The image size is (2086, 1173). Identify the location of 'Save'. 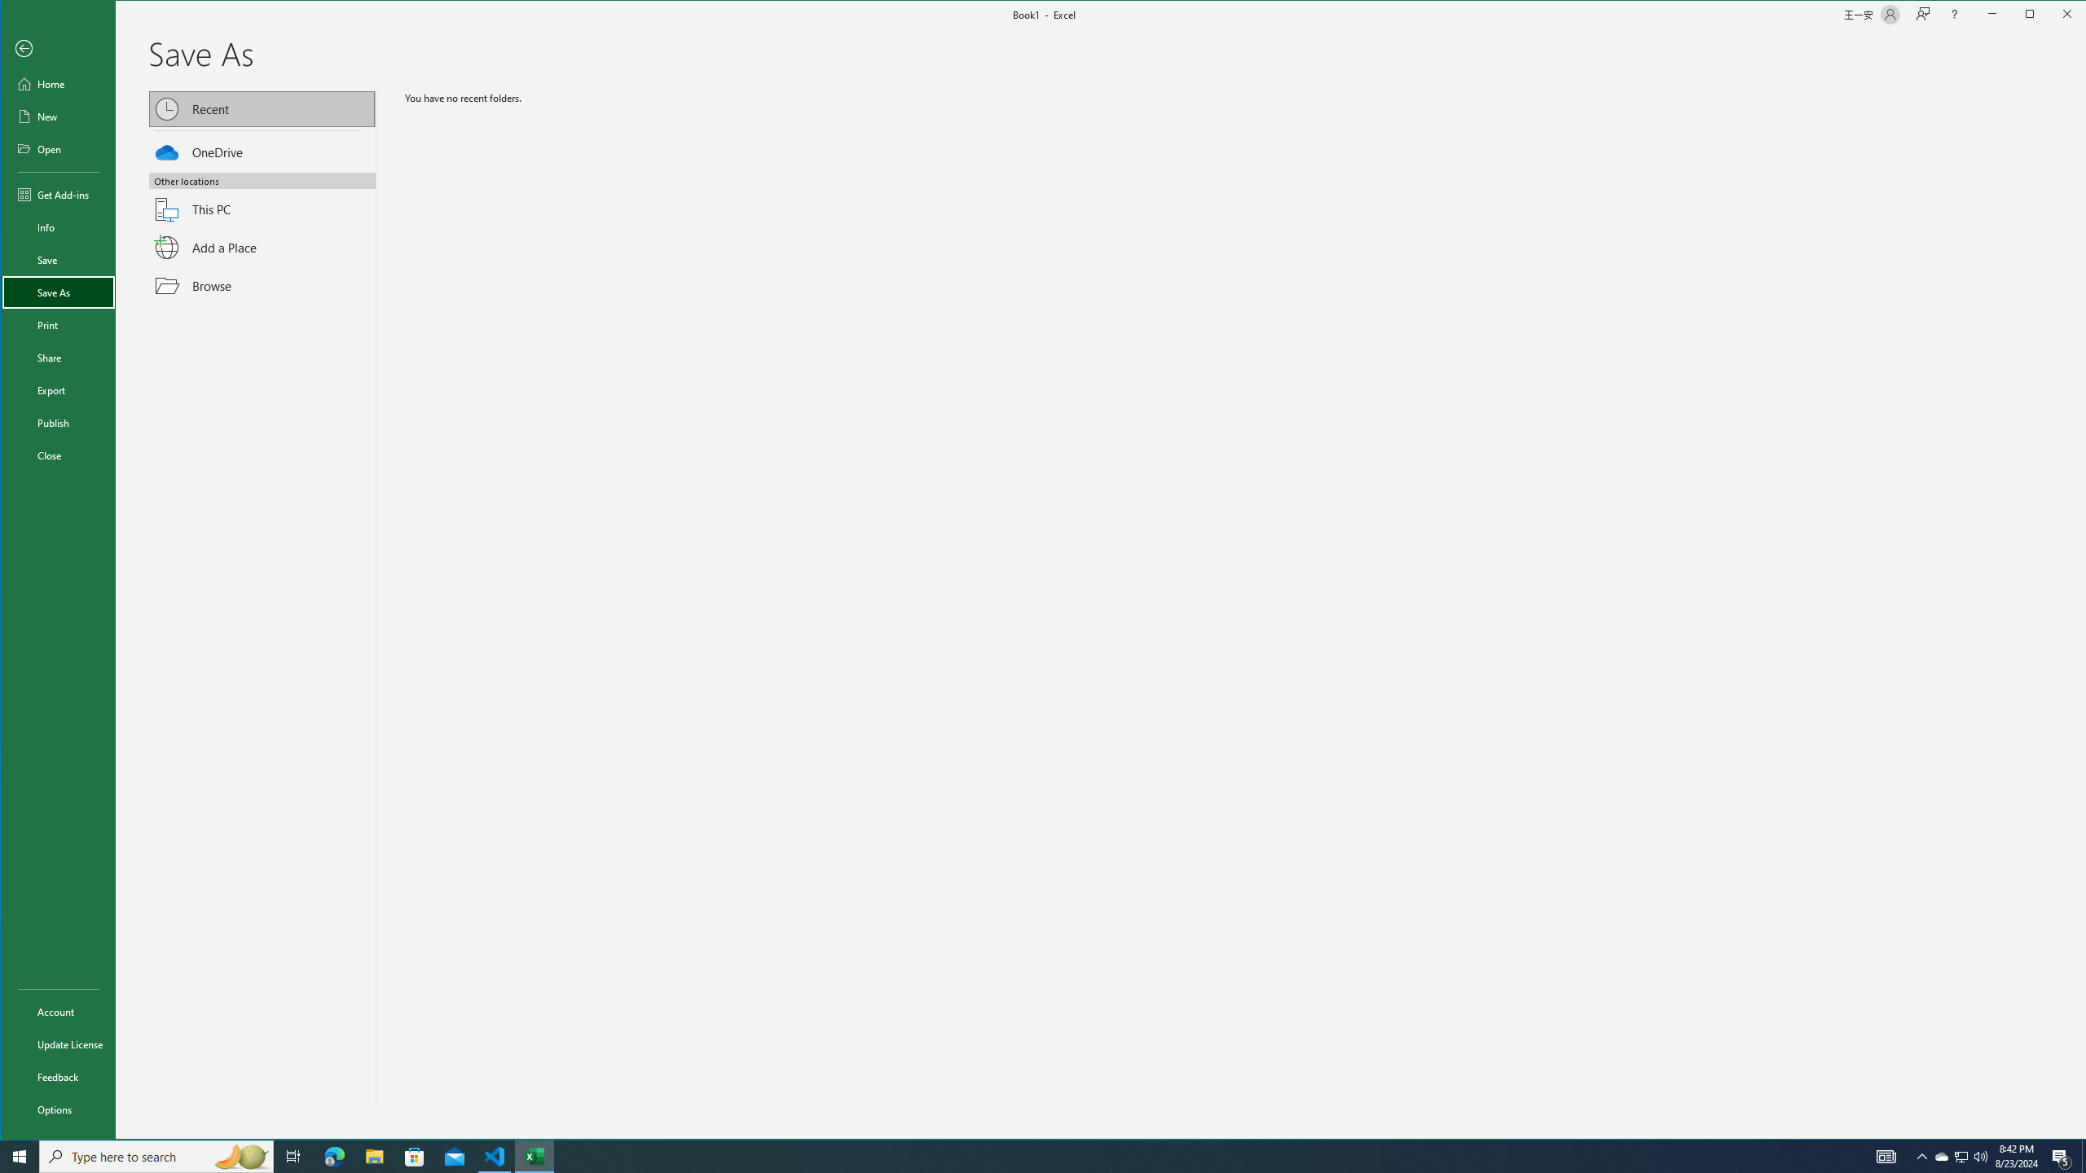
(57, 258).